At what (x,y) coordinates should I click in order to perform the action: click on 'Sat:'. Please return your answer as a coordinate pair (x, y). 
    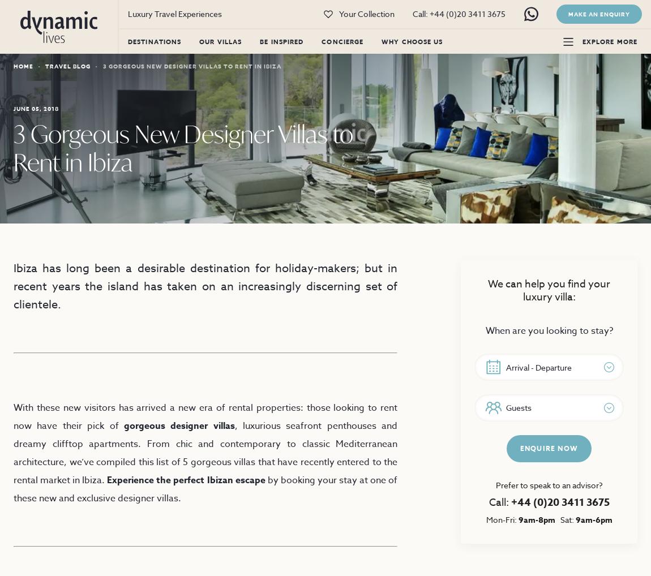
    Looking at the image, I should click on (564, 519).